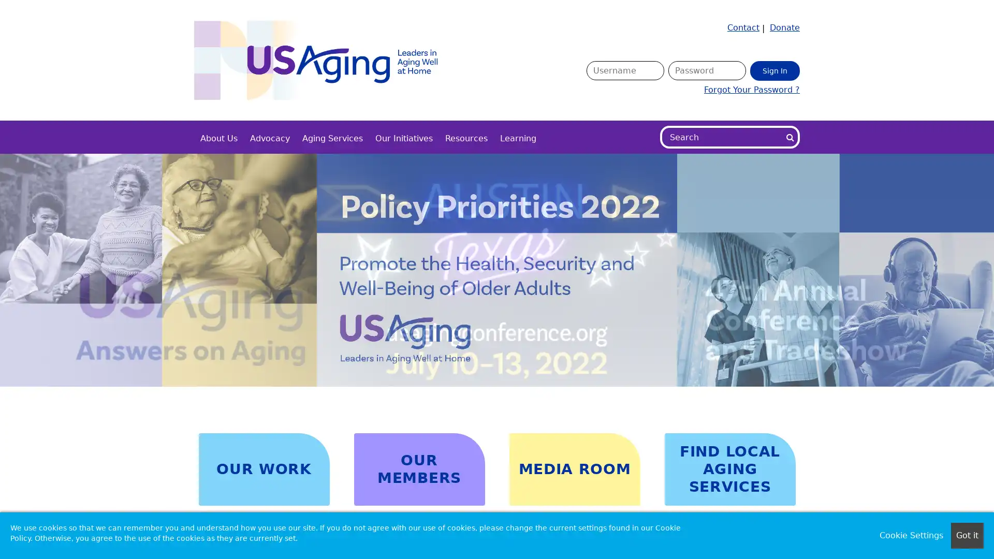 The width and height of the screenshot is (994, 559). I want to click on Sign In, so click(775, 70).